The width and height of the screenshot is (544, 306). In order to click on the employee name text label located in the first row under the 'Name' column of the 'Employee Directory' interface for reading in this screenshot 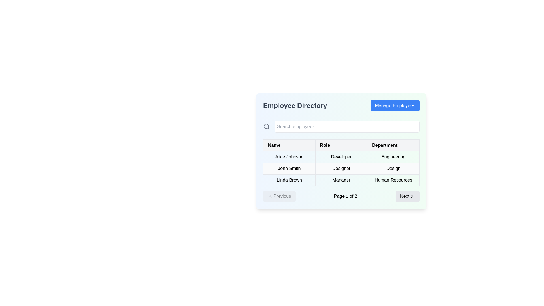, I will do `click(289, 157)`.